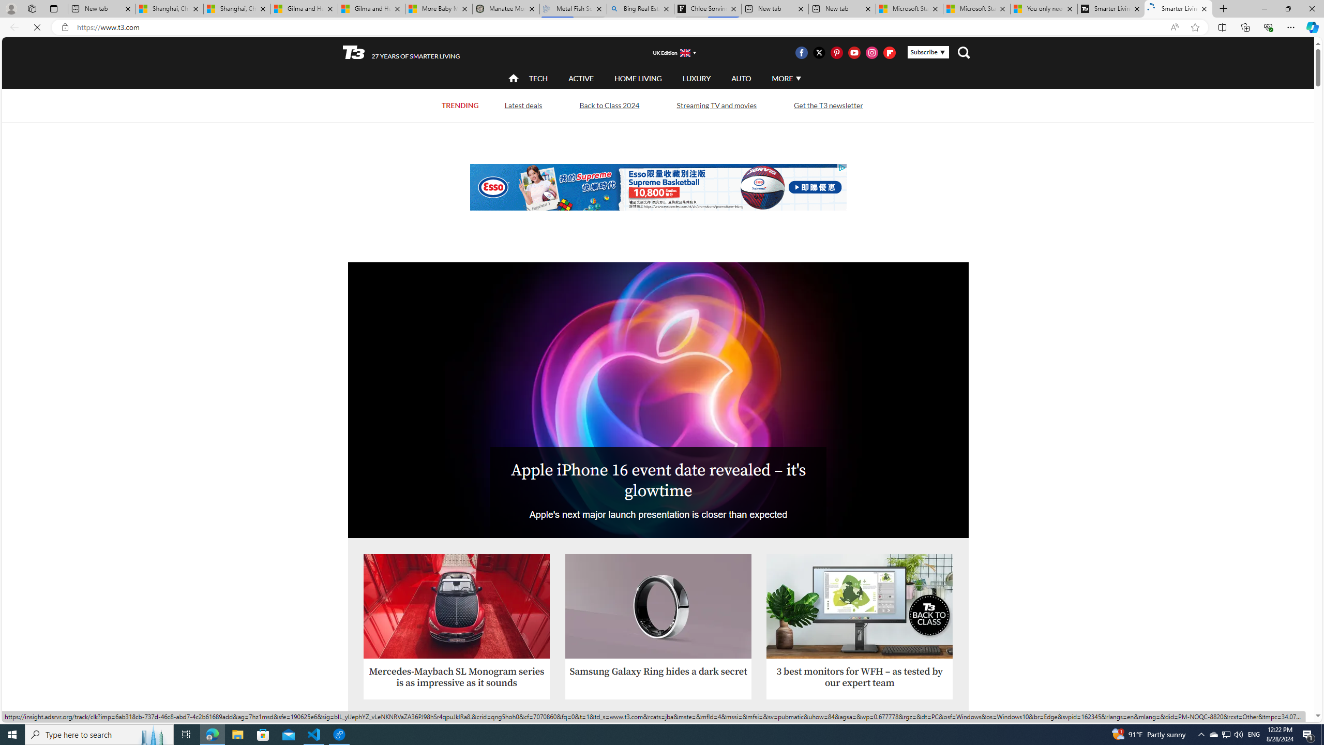 The height and width of the screenshot is (745, 1324). I want to click on 'Get the T3 newsletter', so click(828, 105).